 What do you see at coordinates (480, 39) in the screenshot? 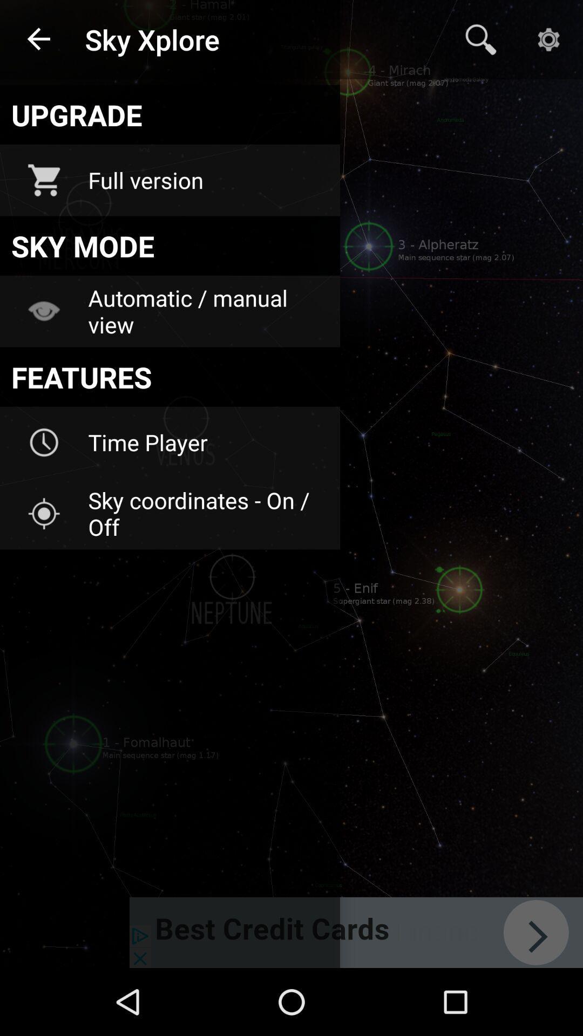
I see `the icon to the right of the sky xplore icon` at bounding box center [480, 39].